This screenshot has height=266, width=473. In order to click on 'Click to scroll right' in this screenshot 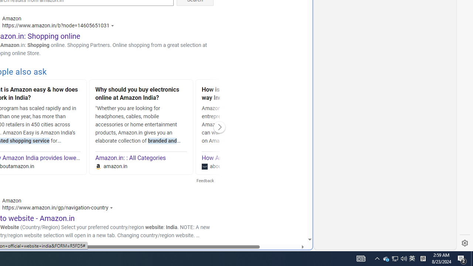, I will do `click(219, 127)`.